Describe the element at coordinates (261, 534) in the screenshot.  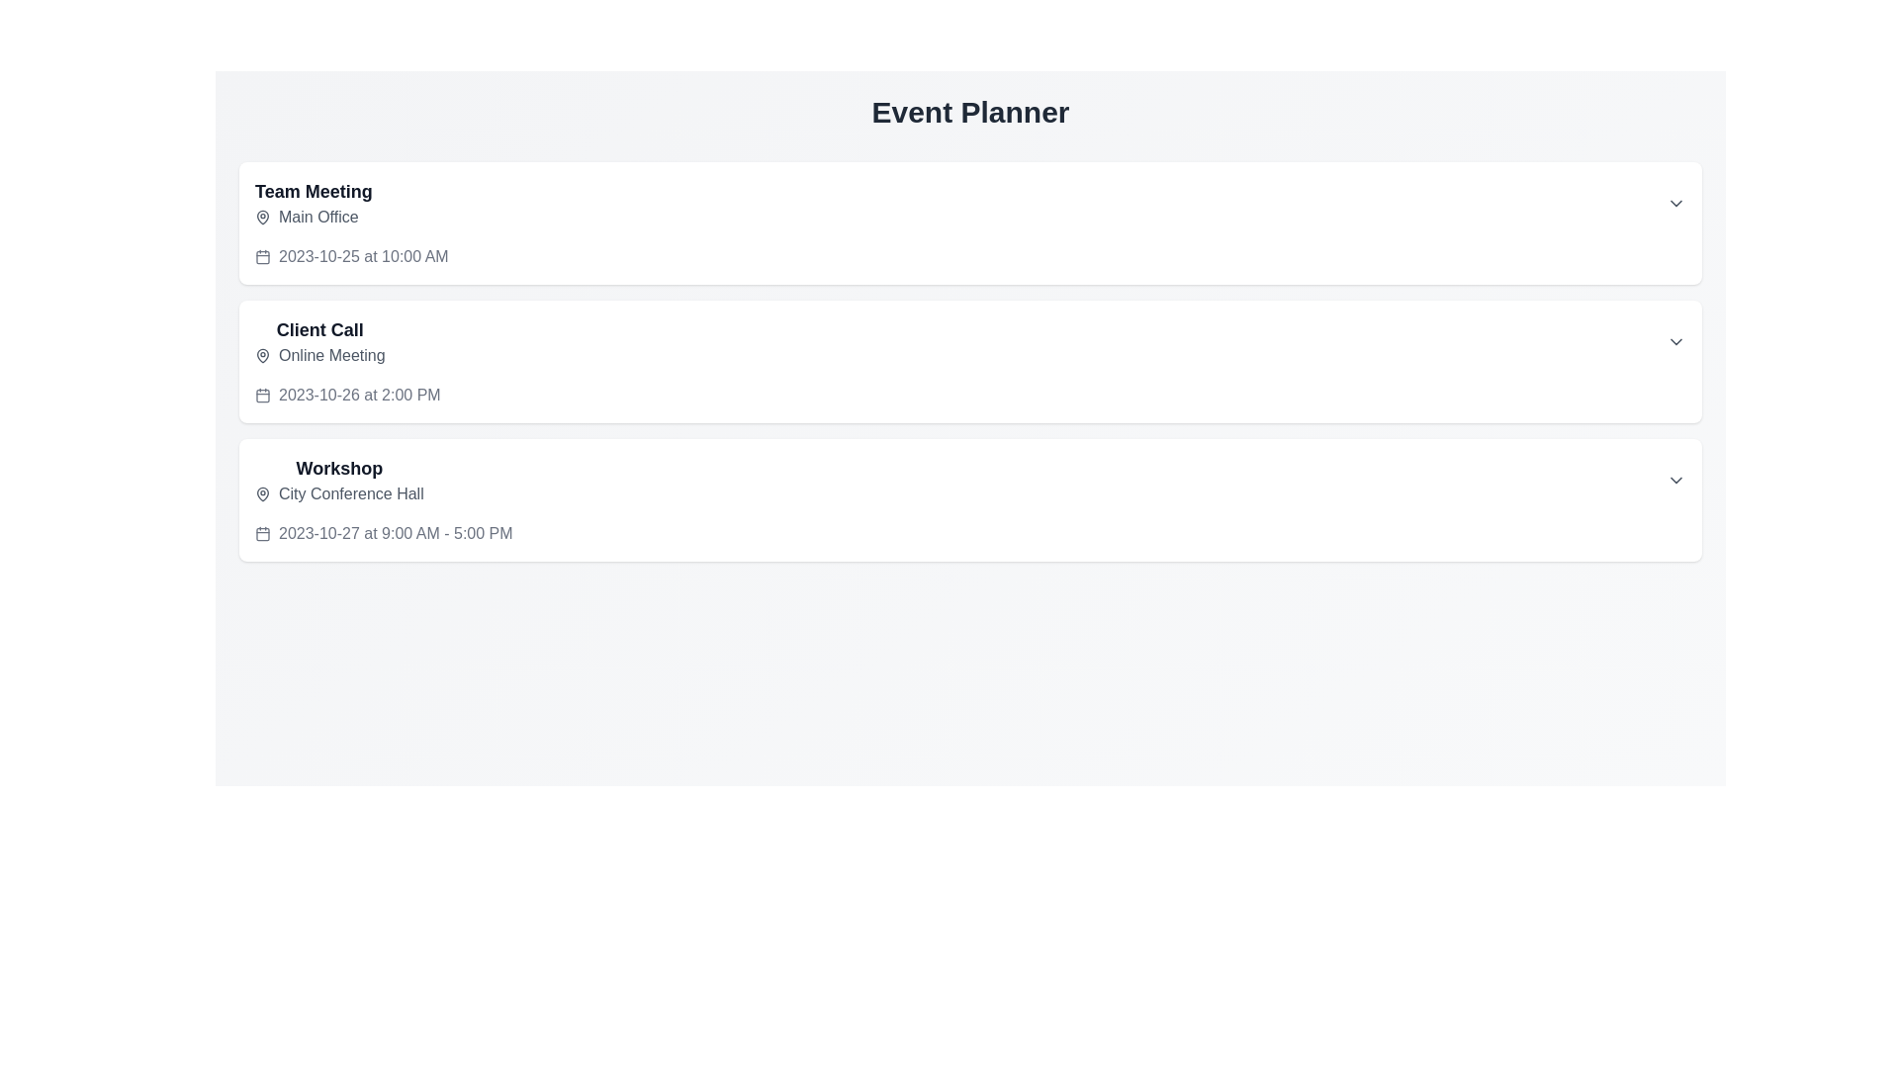
I see `the calendar icon indicating the date or schedule for the 'Workshop' event, located next to the event's timing details` at that location.